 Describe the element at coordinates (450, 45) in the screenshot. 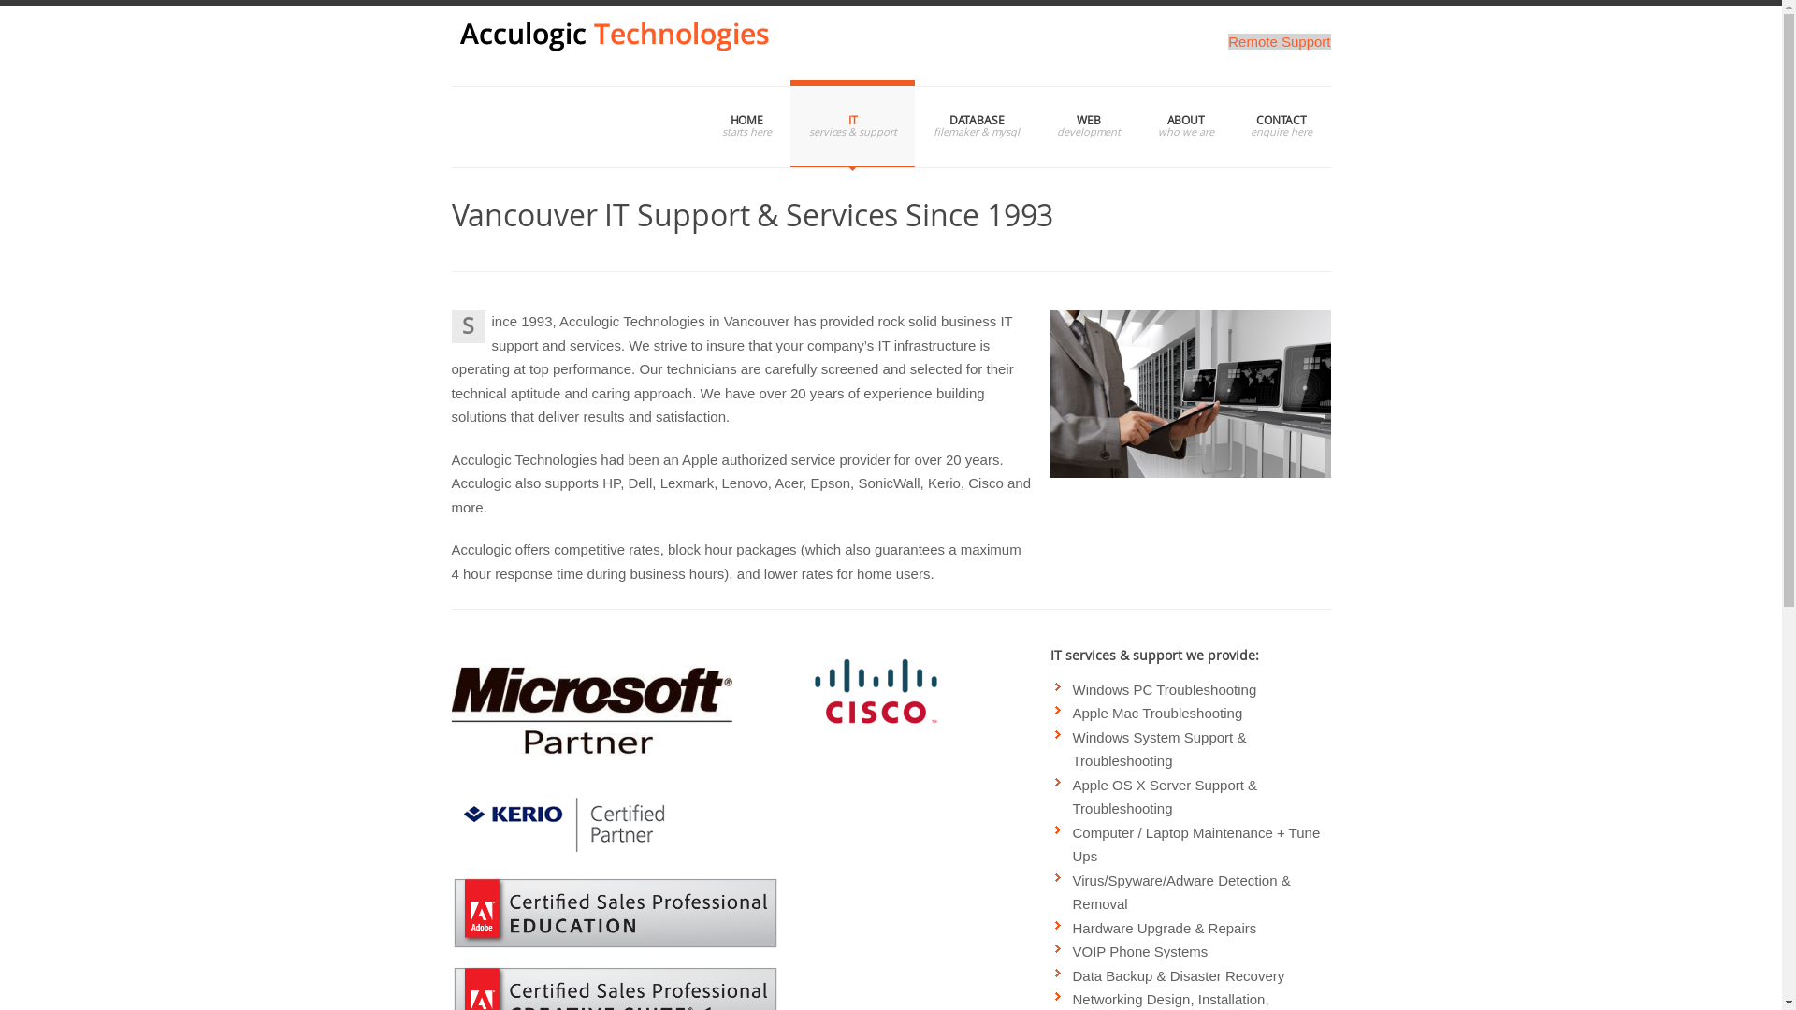

I see `'Acculogic Technologies'` at that location.